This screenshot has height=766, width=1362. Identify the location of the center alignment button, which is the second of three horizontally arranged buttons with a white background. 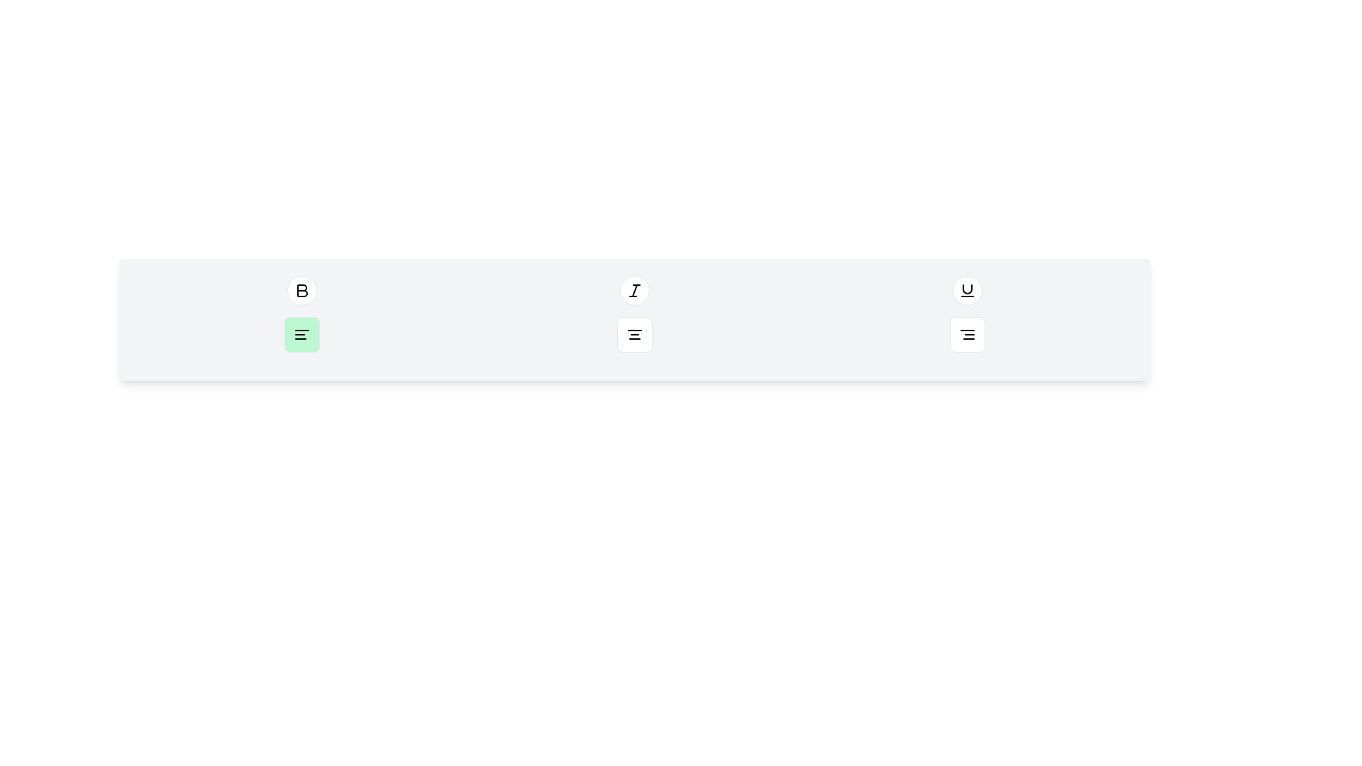
(633, 334).